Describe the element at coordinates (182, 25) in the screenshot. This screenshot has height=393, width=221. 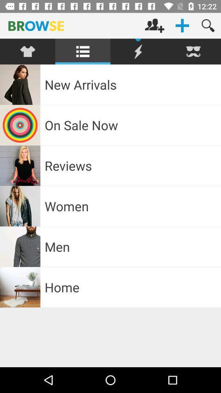
I see `the add icon` at that location.